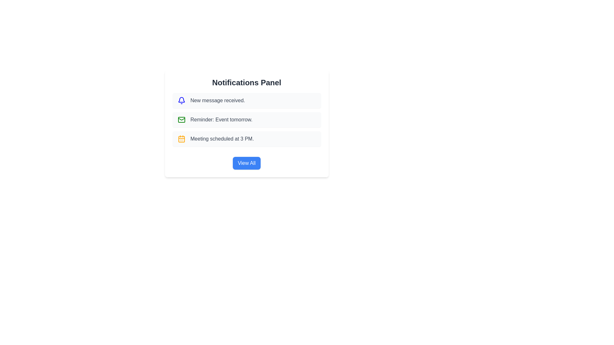  What do you see at coordinates (181, 119) in the screenshot?
I see `the outlined mail icon with green strokes located to the far left of the text in the notification titled 'Reminder: Event tomorrow.'` at bounding box center [181, 119].